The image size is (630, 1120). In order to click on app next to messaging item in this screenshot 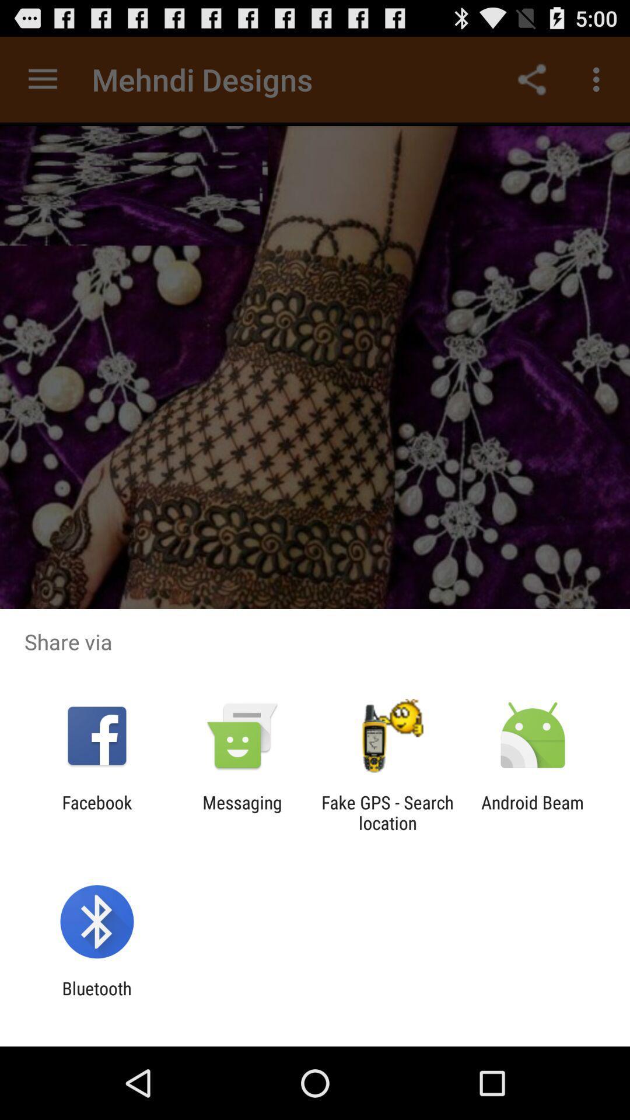, I will do `click(387, 812)`.